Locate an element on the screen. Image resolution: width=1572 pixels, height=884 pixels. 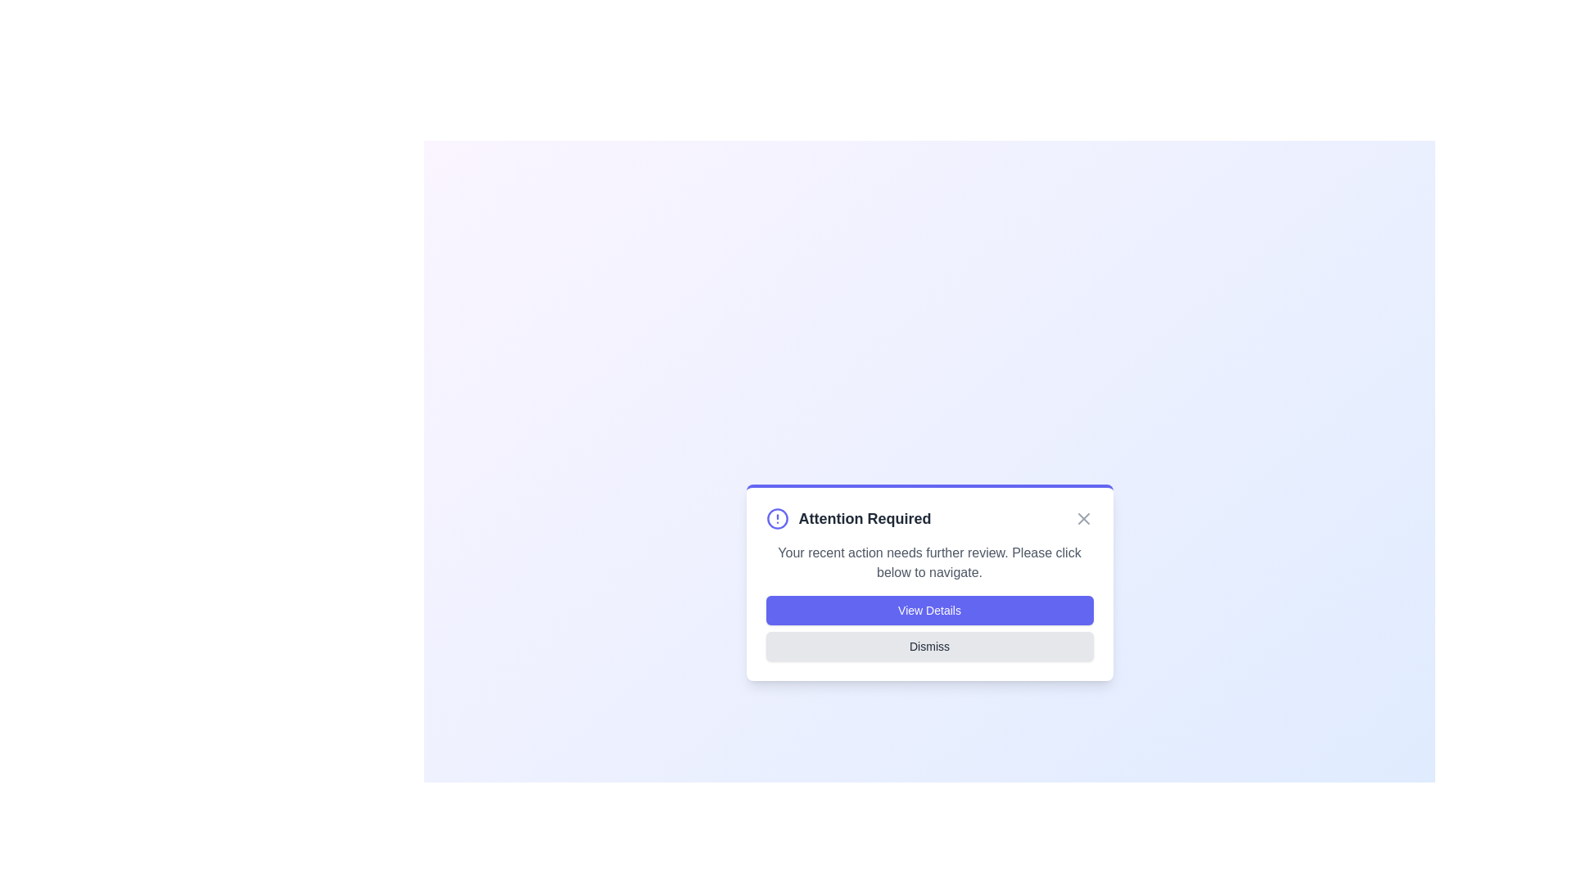
the 'X' button at the top-right corner of the alert to close it is located at coordinates (1083, 518).